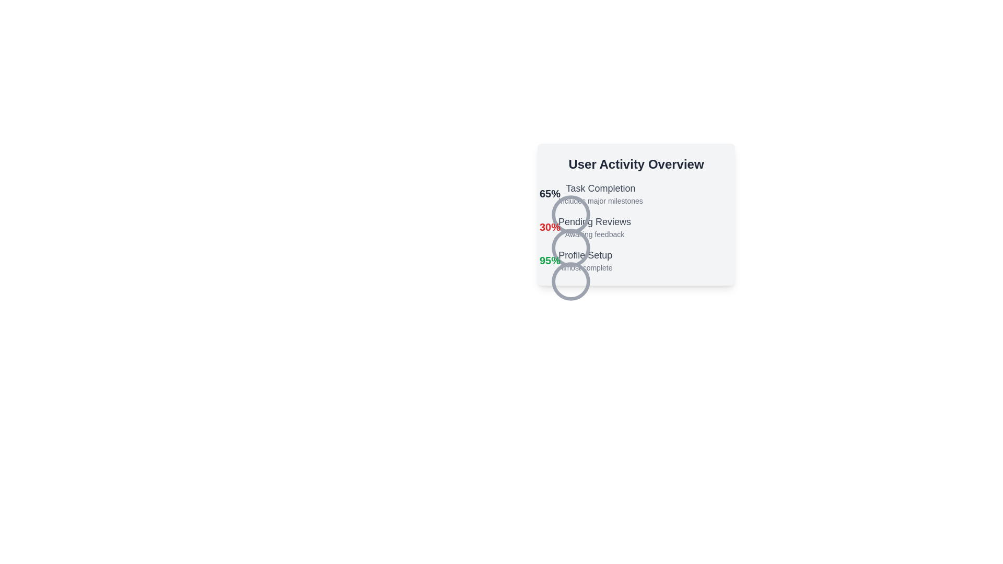 This screenshot has height=564, width=1003. What do you see at coordinates (570, 248) in the screenshot?
I see `the circular vector graphic icon, which is part of the user activity metrics section located directly below the 'Profile Setup' text` at bounding box center [570, 248].